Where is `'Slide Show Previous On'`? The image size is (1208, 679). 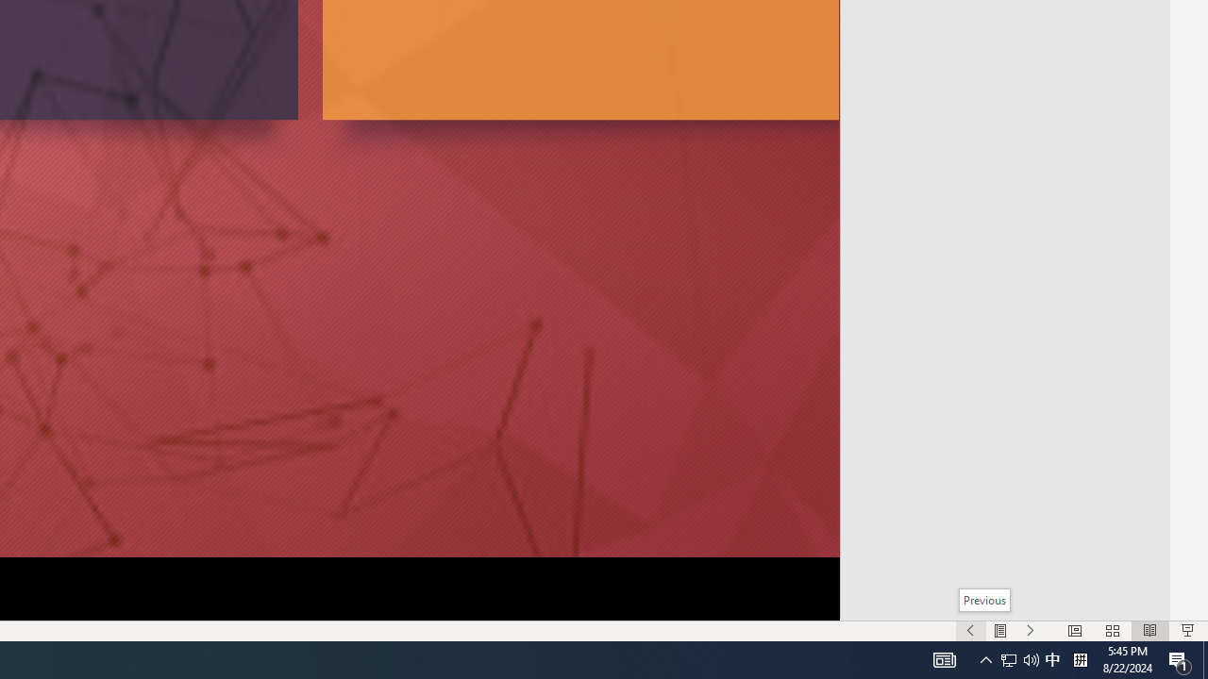
'Slide Show Previous On' is located at coordinates (970, 631).